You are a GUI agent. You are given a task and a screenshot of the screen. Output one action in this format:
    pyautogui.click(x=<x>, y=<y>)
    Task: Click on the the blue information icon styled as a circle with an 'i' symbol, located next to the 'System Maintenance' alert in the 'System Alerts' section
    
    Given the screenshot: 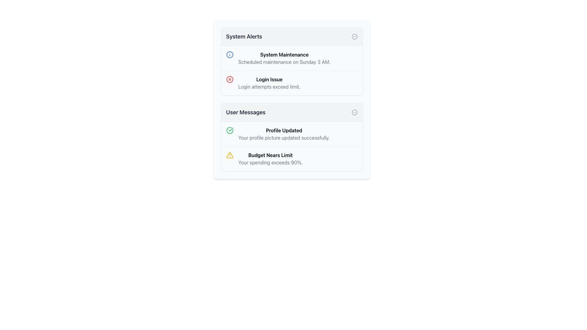 What is the action you would take?
    pyautogui.click(x=229, y=54)
    